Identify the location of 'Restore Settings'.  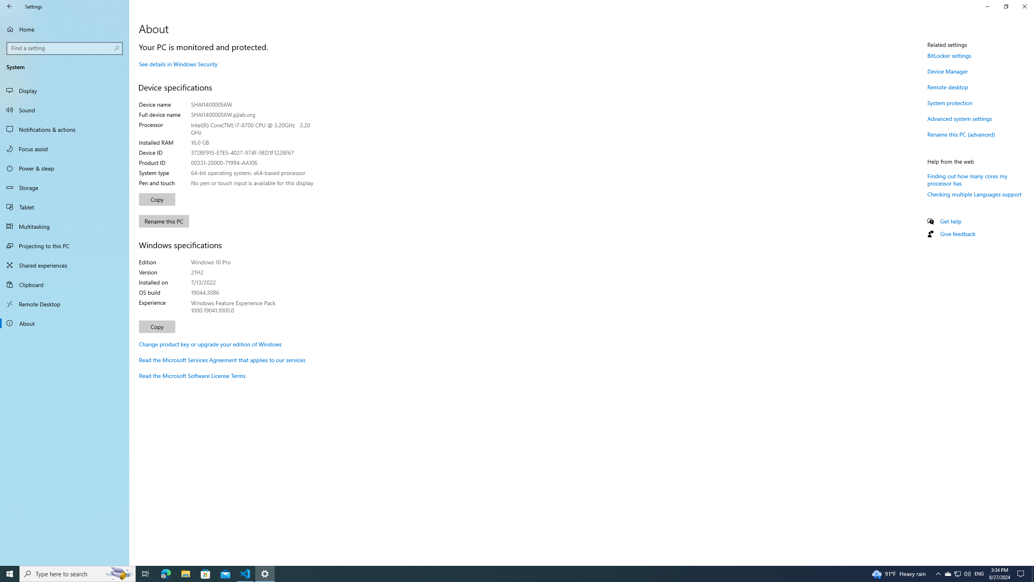
(1006, 6).